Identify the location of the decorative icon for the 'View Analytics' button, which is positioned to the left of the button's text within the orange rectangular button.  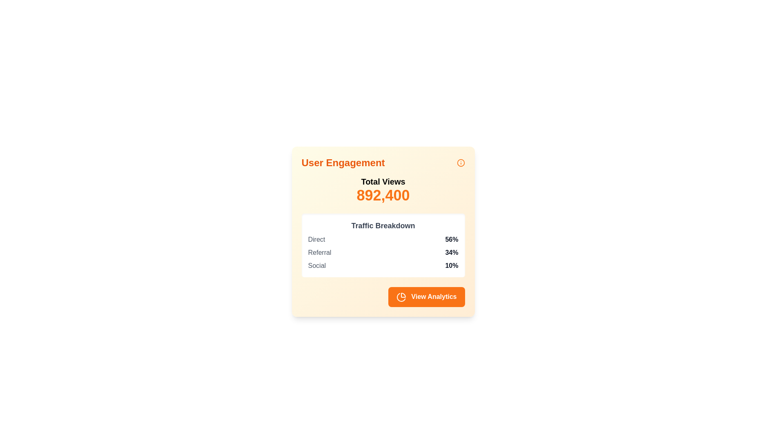
(401, 297).